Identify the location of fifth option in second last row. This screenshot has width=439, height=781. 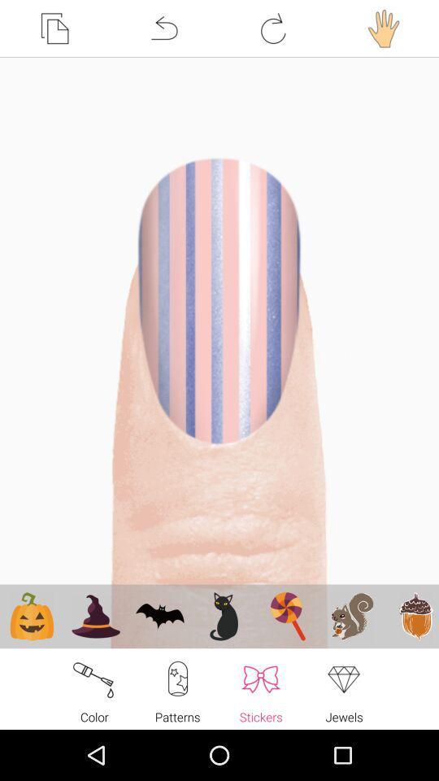
(287, 615).